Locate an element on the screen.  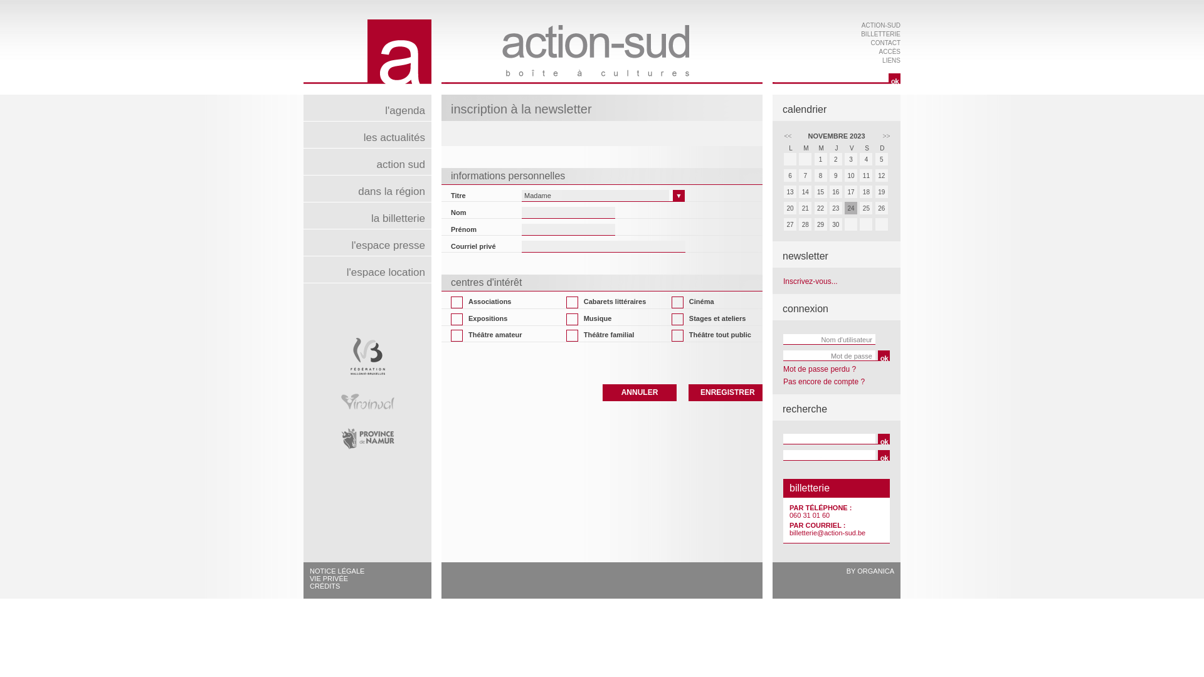
'l'espace presse' is located at coordinates (366, 242).